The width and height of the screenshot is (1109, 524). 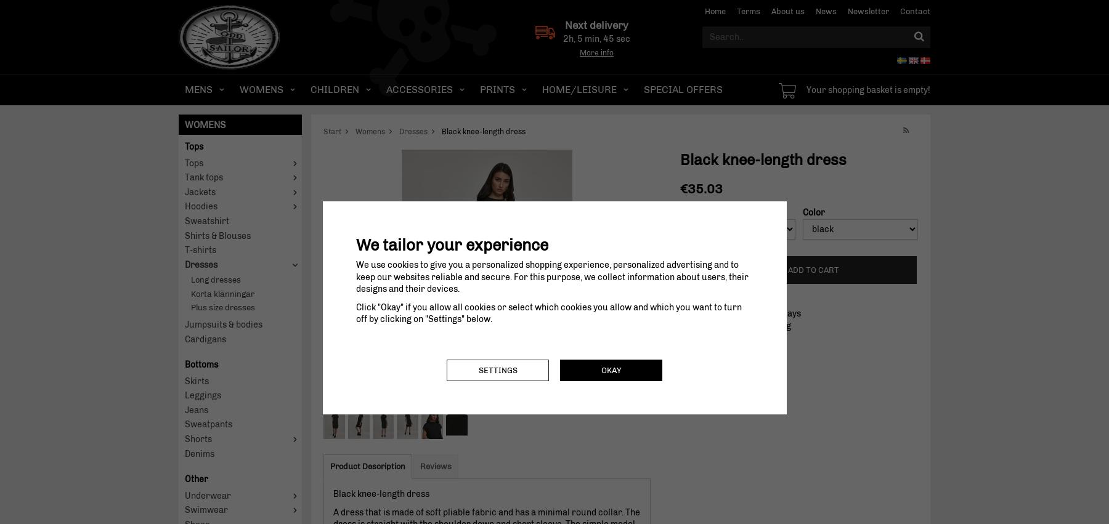 What do you see at coordinates (184, 206) in the screenshot?
I see `'Hoodies'` at bounding box center [184, 206].